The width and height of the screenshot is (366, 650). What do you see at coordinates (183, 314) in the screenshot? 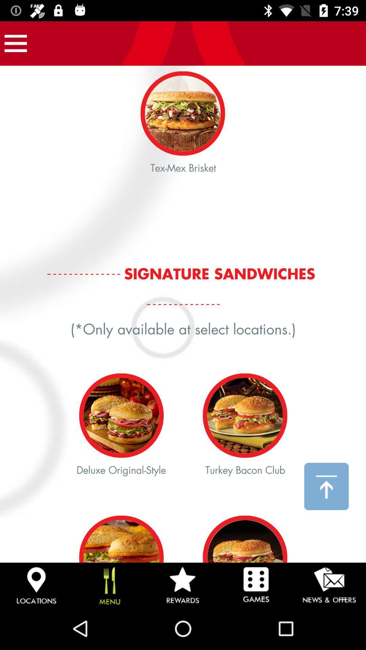
I see `a sandwich` at bounding box center [183, 314].